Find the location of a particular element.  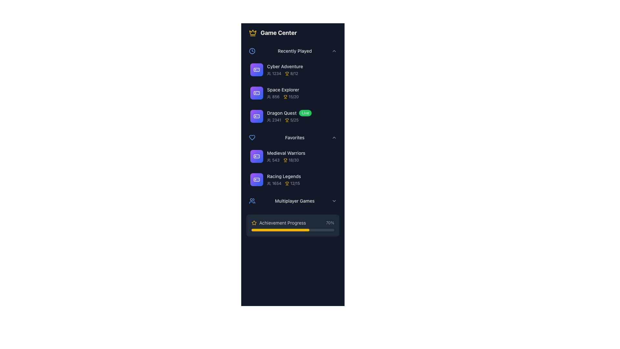

the text and icon displaying '18/30' associated with 'Medieval Warriors' is located at coordinates (273, 160).